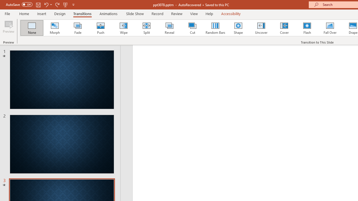  What do you see at coordinates (261, 28) in the screenshot?
I see `'Uncover'` at bounding box center [261, 28].